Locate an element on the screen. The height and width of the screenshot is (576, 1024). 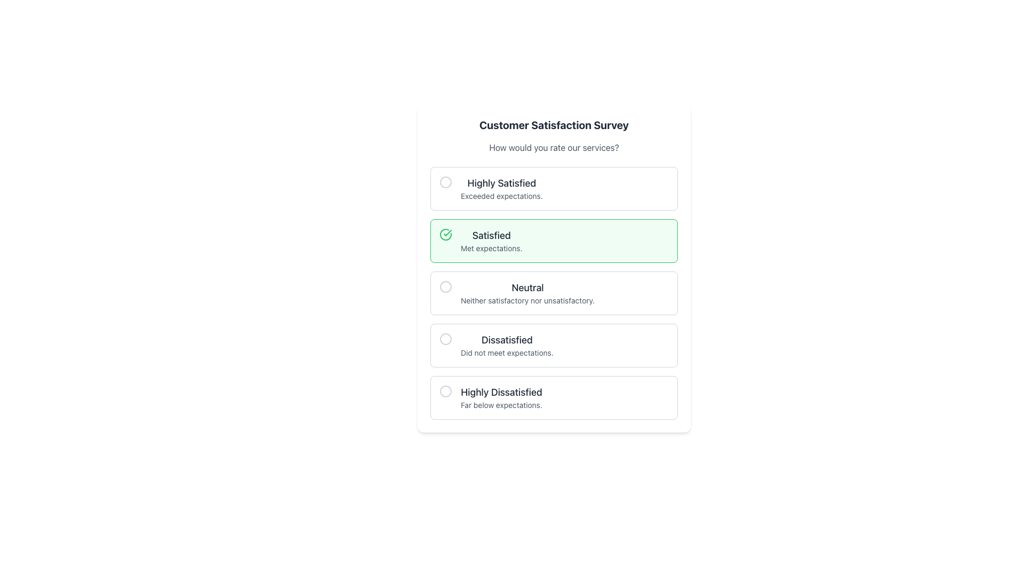
the 'Dissatisfied' radio button option in the customer satisfaction survey is located at coordinates (554, 346).